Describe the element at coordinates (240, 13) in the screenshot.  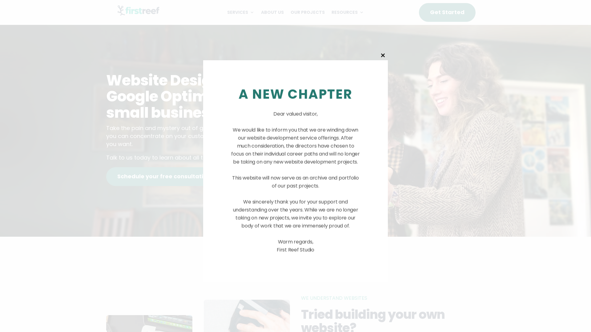
I see `'SERVICES'` at that location.